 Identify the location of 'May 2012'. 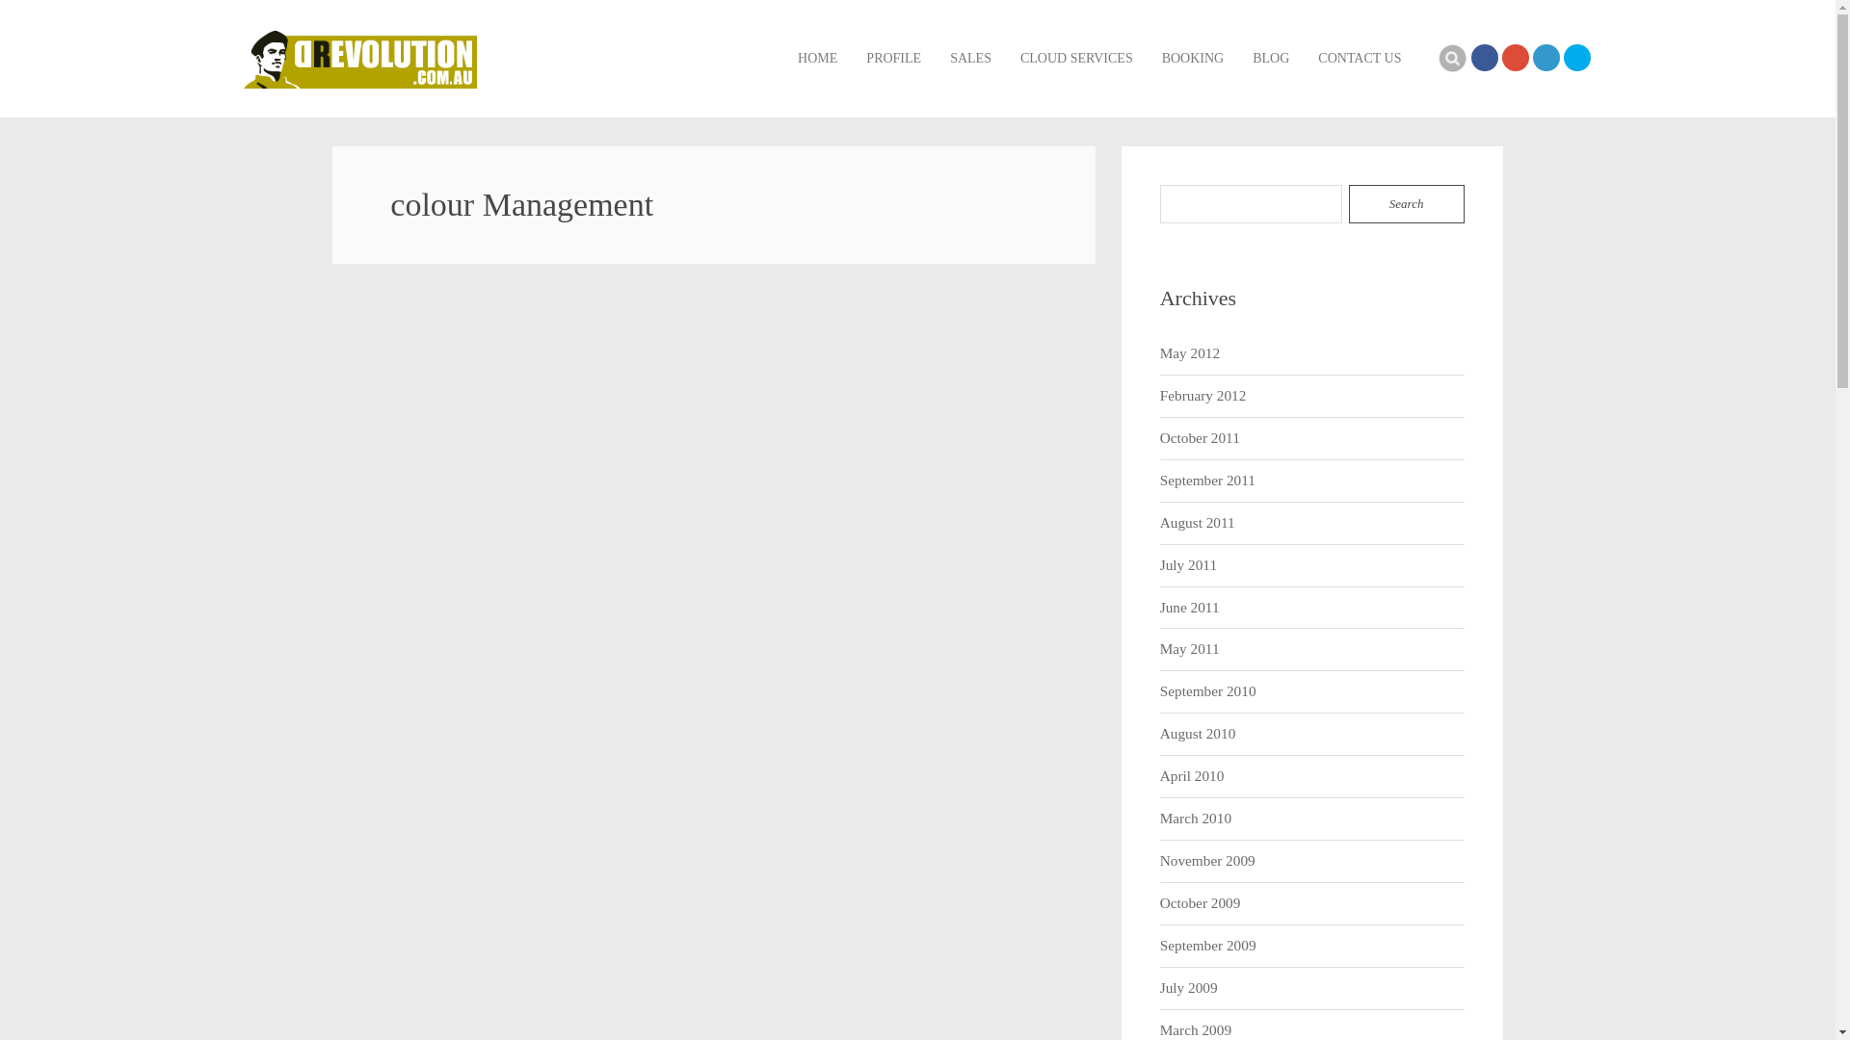
(1188, 353).